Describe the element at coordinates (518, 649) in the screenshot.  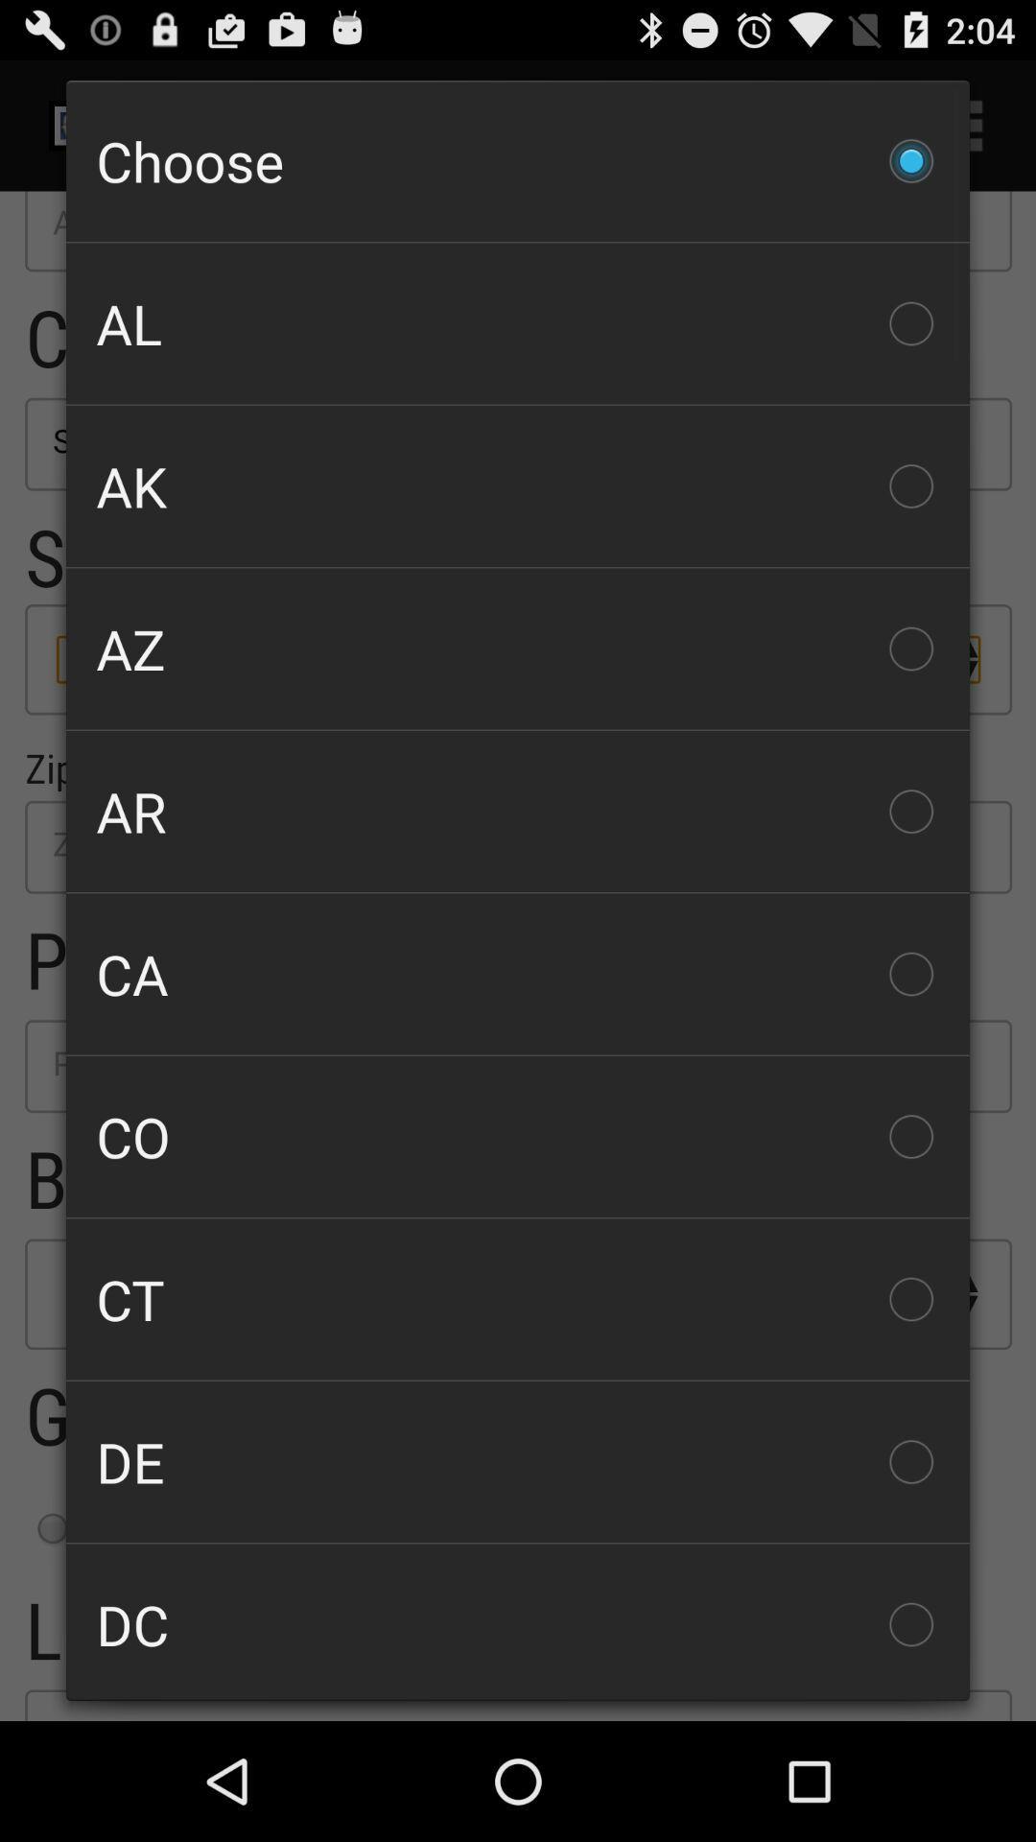
I see `icon above ar checkbox` at that location.